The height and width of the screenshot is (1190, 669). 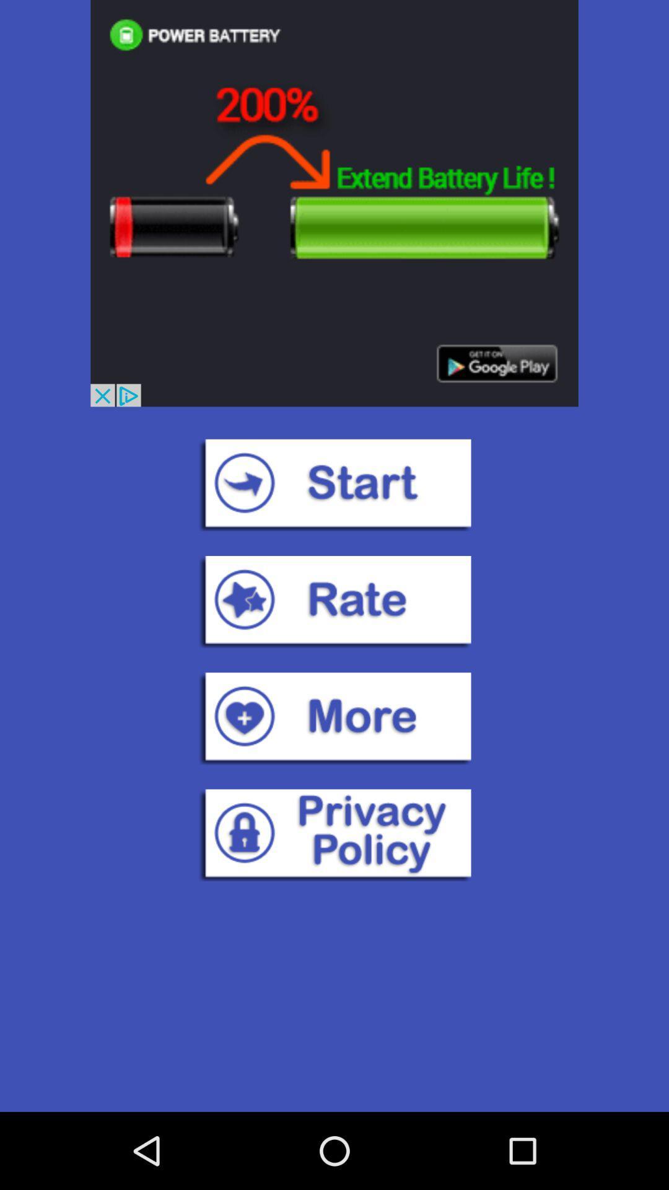 I want to click on start, so click(x=334, y=484).